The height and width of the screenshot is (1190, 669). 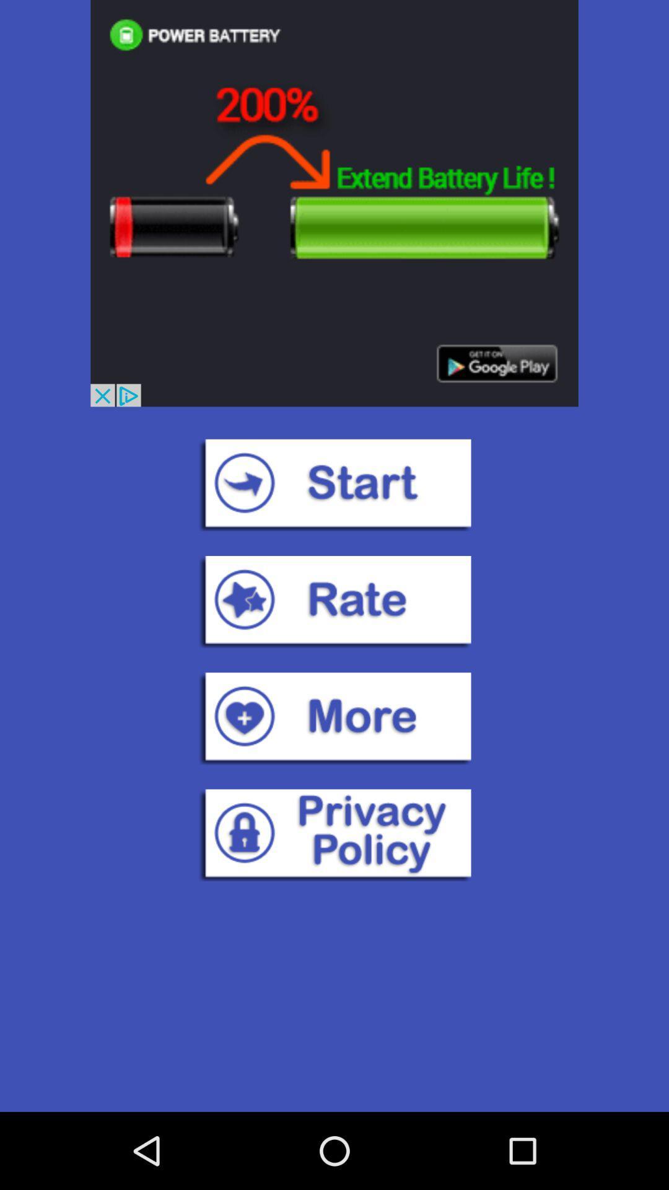 I want to click on start, so click(x=334, y=484).